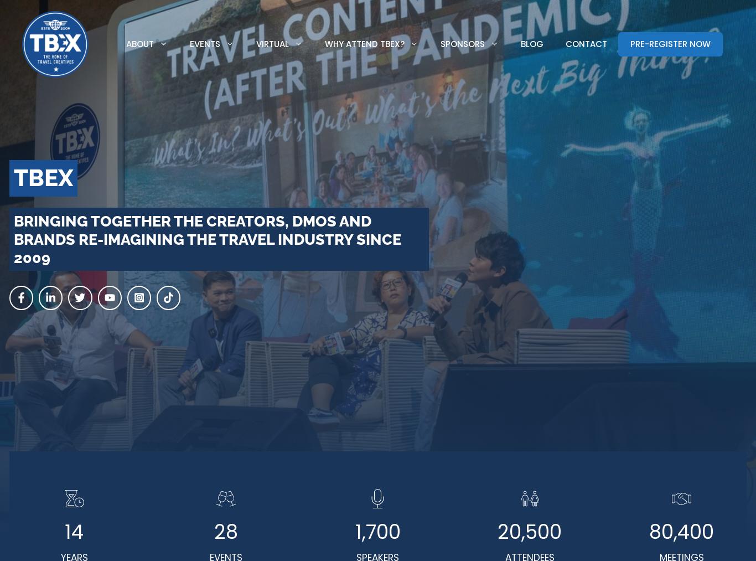 The width and height of the screenshot is (756, 561). I want to click on '80,400', so click(649, 532).